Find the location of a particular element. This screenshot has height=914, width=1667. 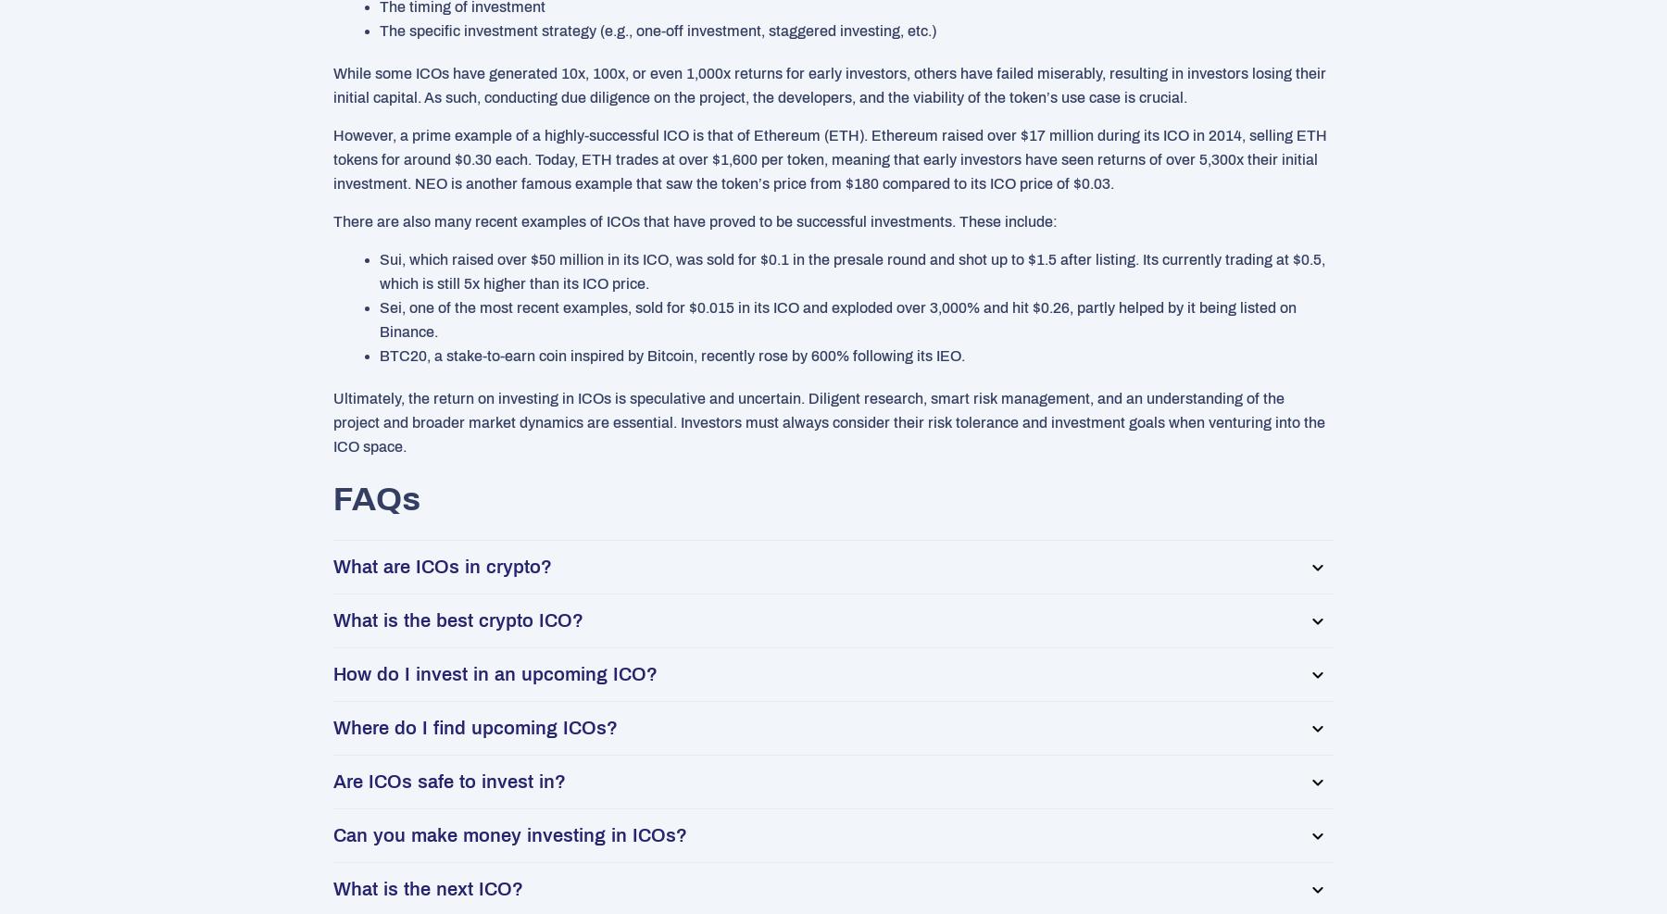

'There are also many recent examples of ICOs that have proved to be successful investments. These include:' is located at coordinates (694, 221).